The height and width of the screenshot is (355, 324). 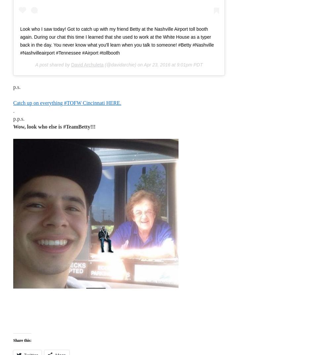 What do you see at coordinates (17, 86) in the screenshot?
I see `'p.s.'` at bounding box center [17, 86].